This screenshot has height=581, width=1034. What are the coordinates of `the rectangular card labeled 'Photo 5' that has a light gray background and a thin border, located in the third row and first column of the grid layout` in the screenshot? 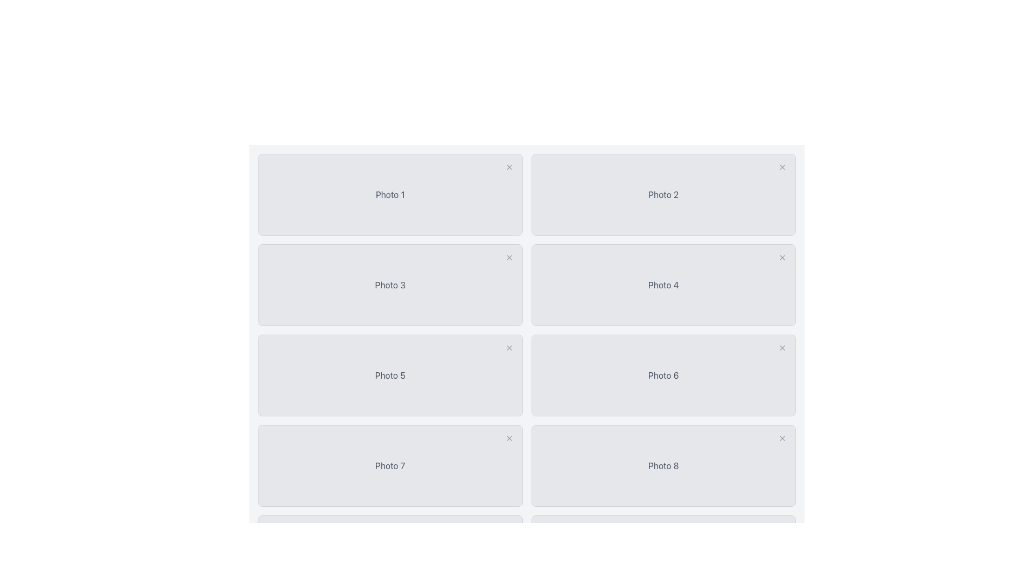 It's located at (389, 375).